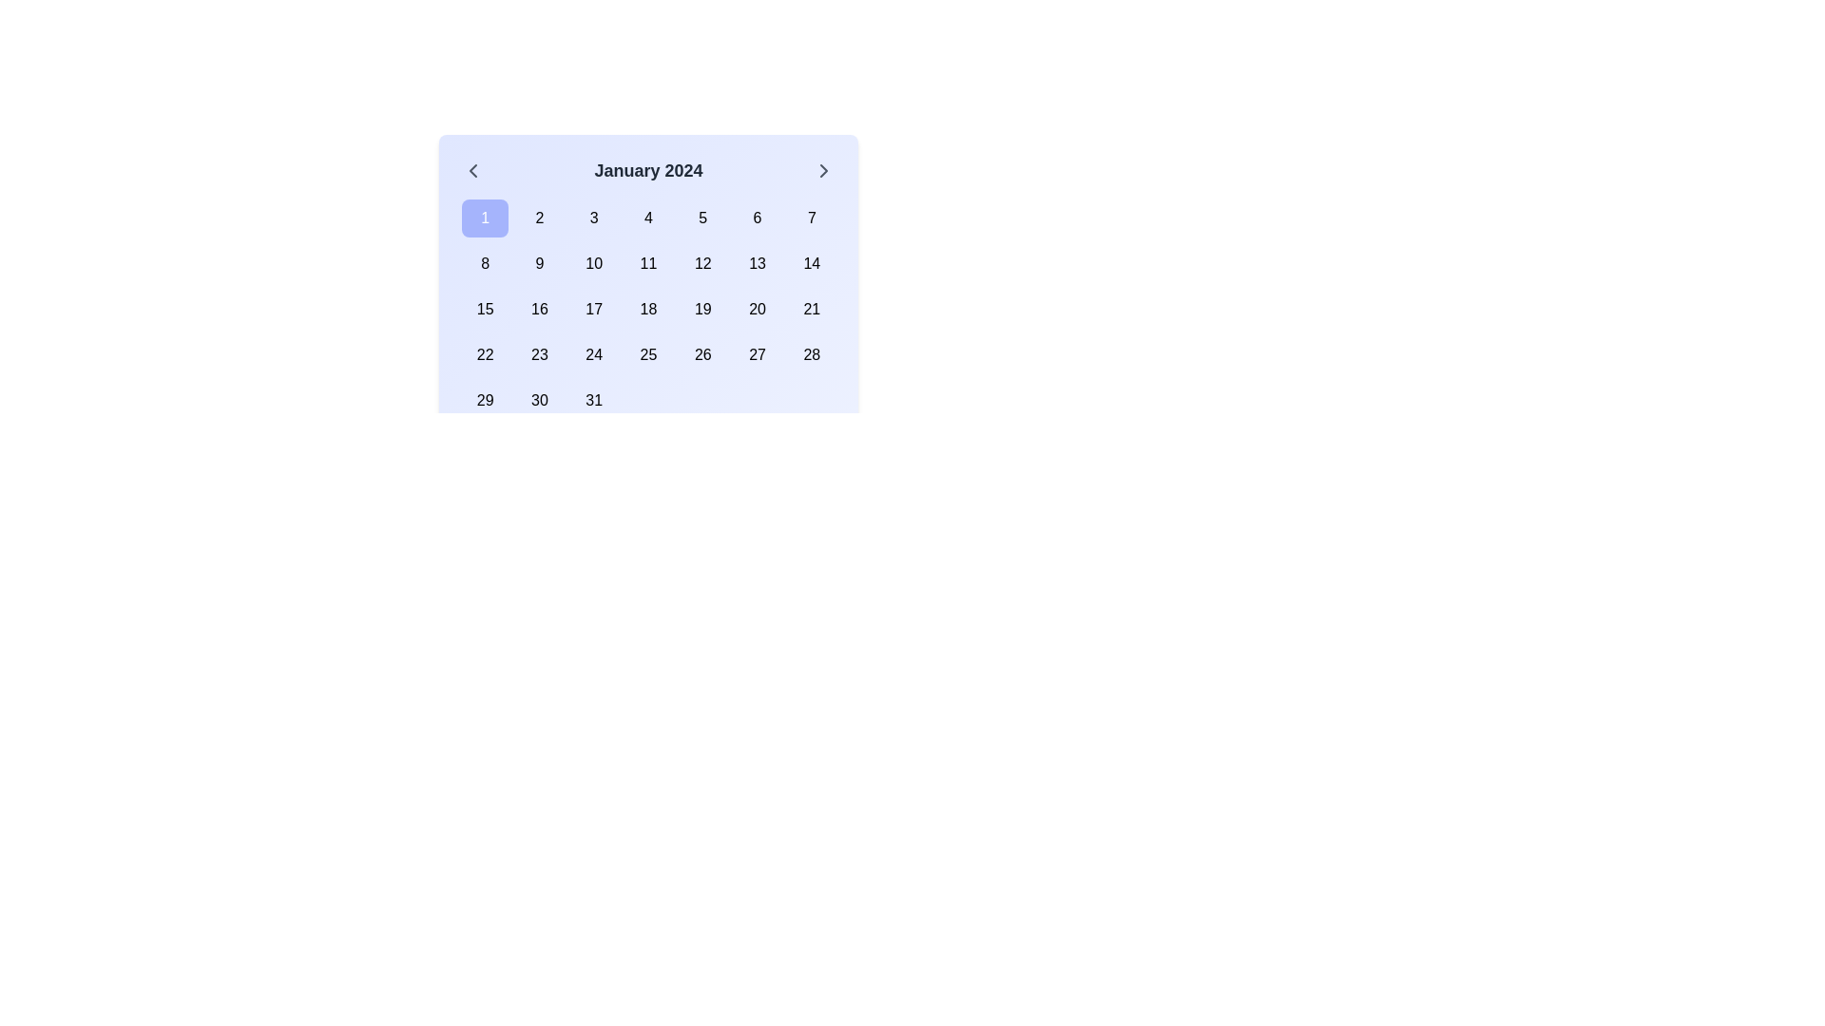 This screenshot has height=1026, width=1825. What do you see at coordinates (538, 399) in the screenshot?
I see `the square, light-colored button with a centered number '30' in bold, dark text located in the last row, second column of the January 2024 calendar grid` at bounding box center [538, 399].